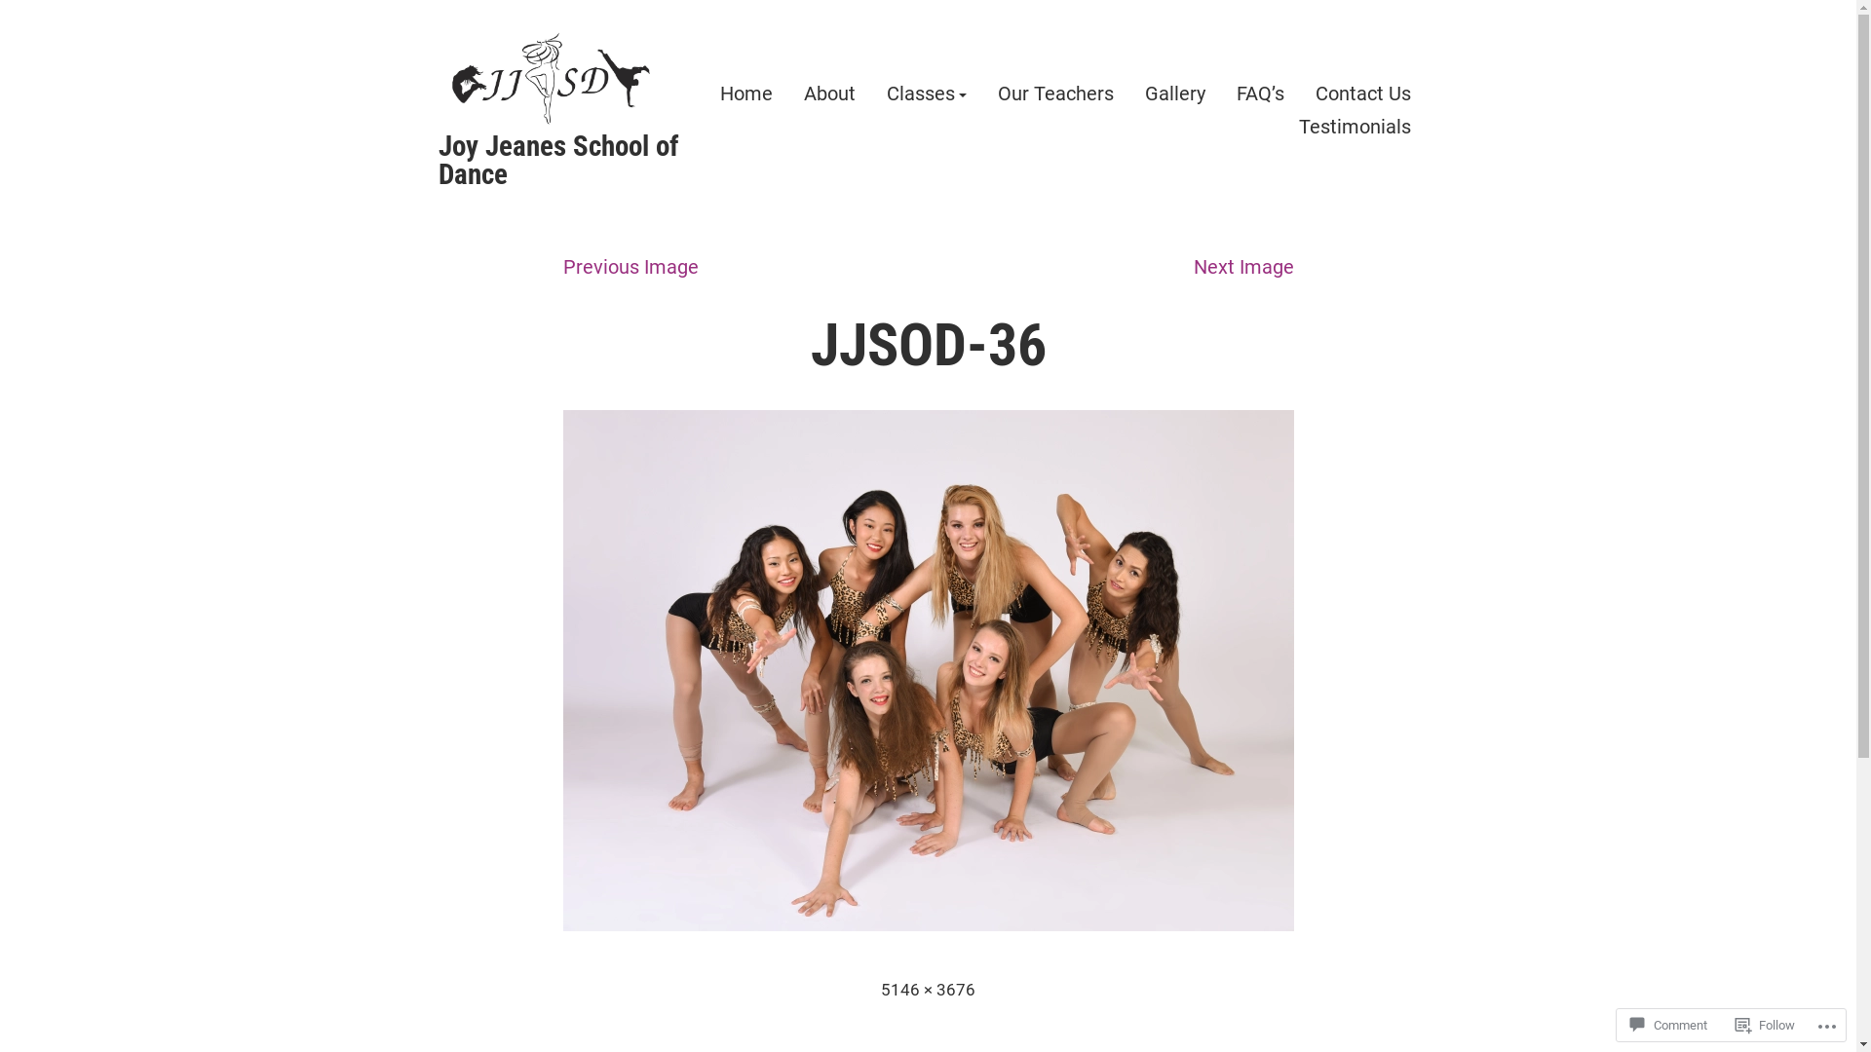 Image resolution: width=1871 pixels, height=1052 pixels. Describe the element at coordinates (1172, 94) in the screenshot. I see `'Gallery'` at that location.